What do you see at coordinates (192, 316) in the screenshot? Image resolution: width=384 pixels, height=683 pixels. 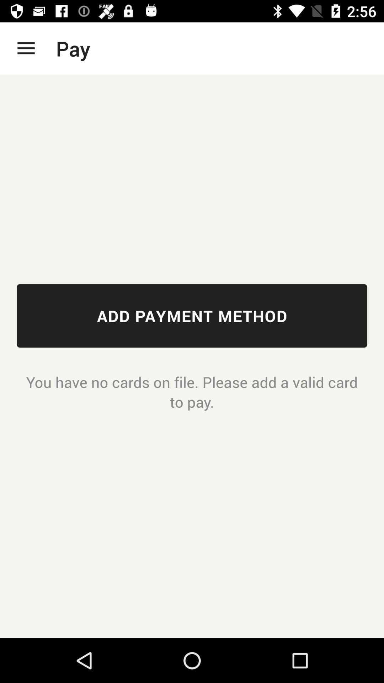 I see `add payment method item` at bounding box center [192, 316].